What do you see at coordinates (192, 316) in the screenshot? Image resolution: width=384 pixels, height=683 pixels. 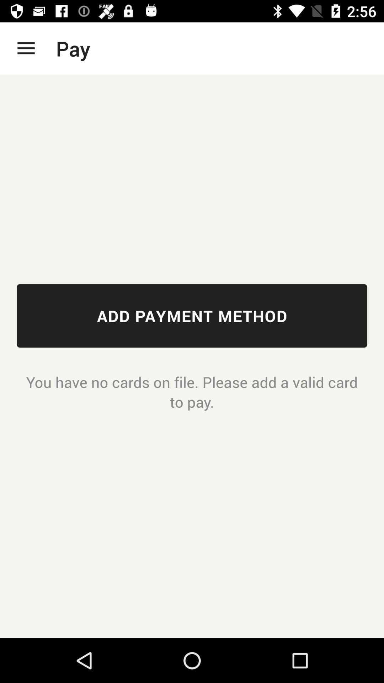 I see `add payment method item` at bounding box center [192, 316].